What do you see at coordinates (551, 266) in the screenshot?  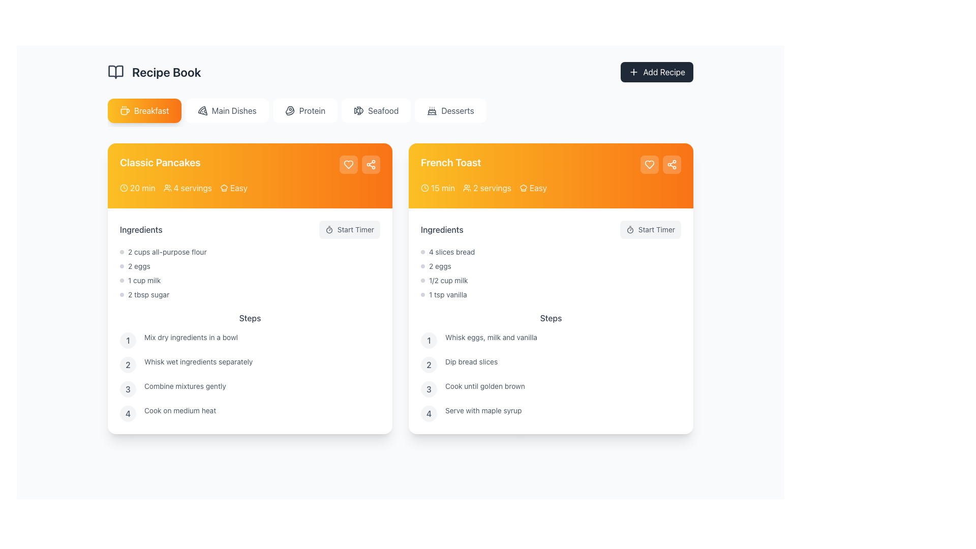 I see `the second item in the 'Ingredients' list of the 'French Toast' recipe card, which displays the quantity and type of ingredient required for the recipe` at bounding box center [551, 266].